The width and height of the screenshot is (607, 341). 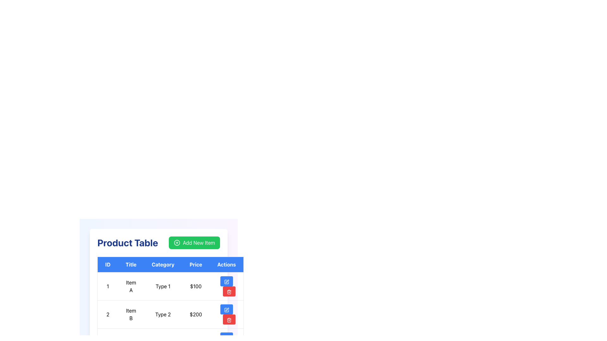 I want to click on the small blue circular icon button with a white edit icon located in the 'Actions' column of the first row in the data table, so click(x=226, y=281).